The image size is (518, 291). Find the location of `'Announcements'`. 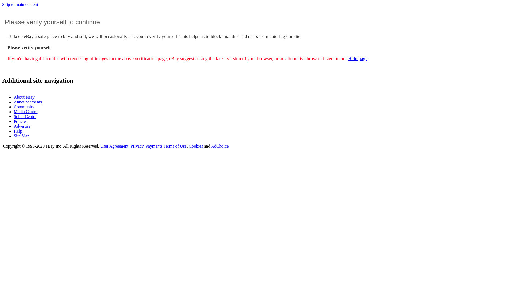

'Announcements' is located at coordinates (27, 102).